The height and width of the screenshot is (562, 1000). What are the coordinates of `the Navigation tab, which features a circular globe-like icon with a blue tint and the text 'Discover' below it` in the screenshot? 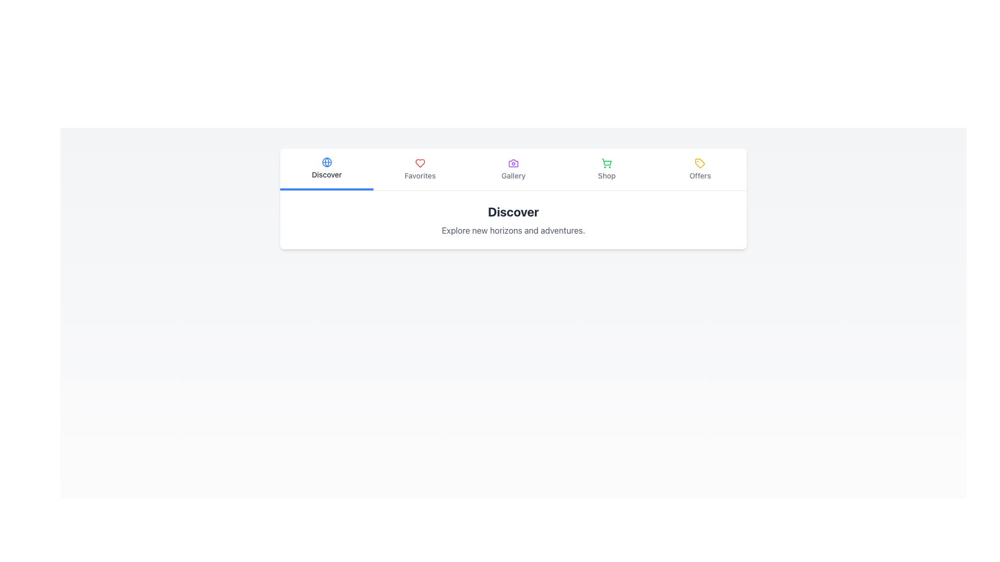 It's located at (326, 168).